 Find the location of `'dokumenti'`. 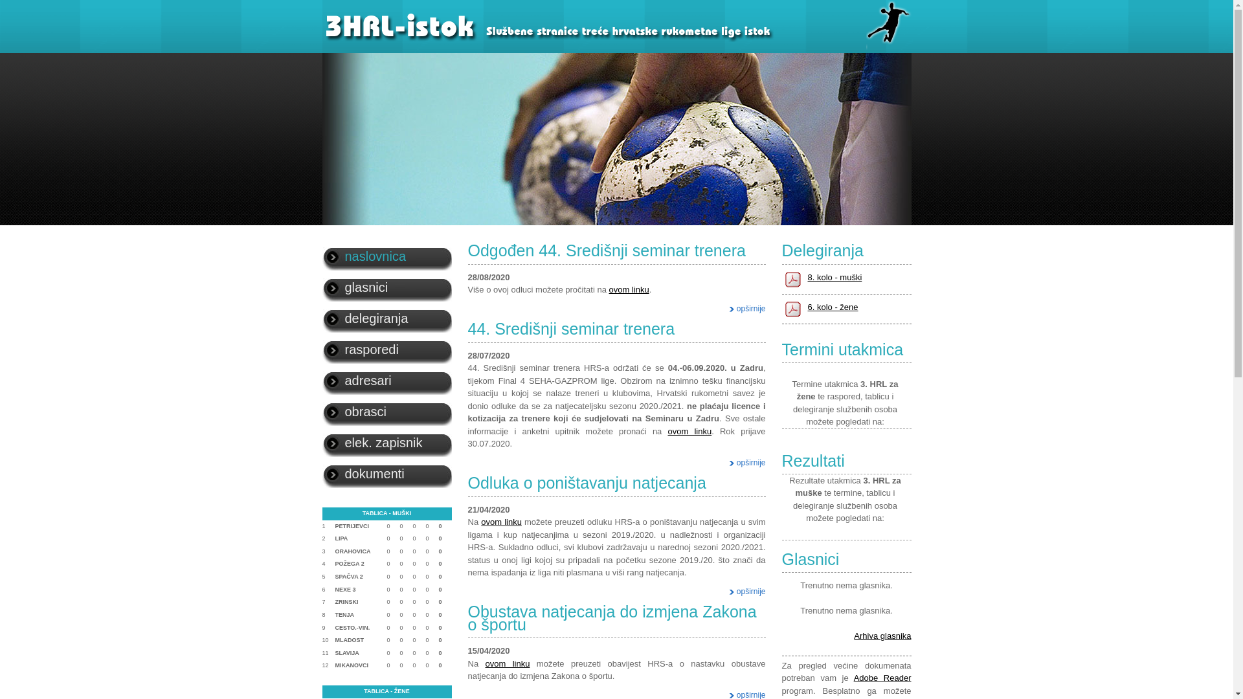

'dokumenti' is located at coordinates (386, 474).